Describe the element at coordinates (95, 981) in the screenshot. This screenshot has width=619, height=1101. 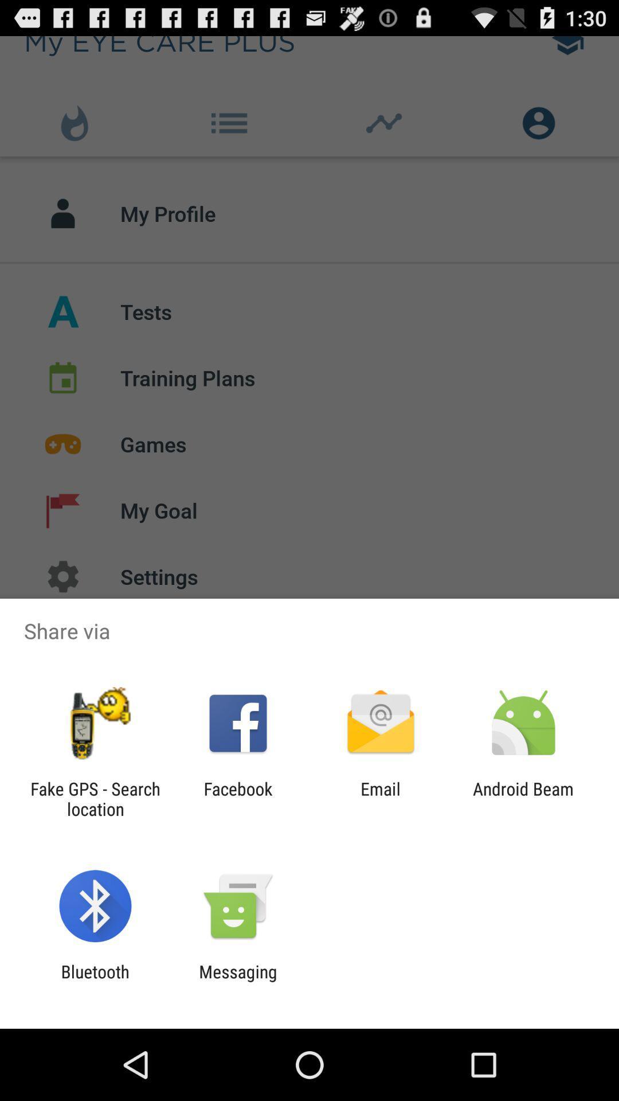
I see `bluetooth app` at that location.